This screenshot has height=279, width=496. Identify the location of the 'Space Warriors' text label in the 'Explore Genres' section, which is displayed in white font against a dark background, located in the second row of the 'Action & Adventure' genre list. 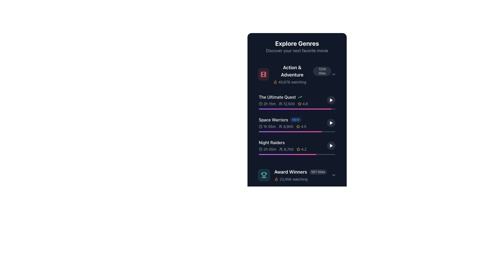
(273, 120).